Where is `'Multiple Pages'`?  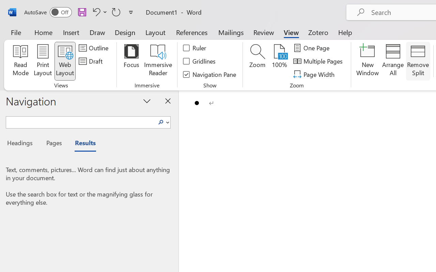
'Multiple Pages' is located at coordinates (318, 61).